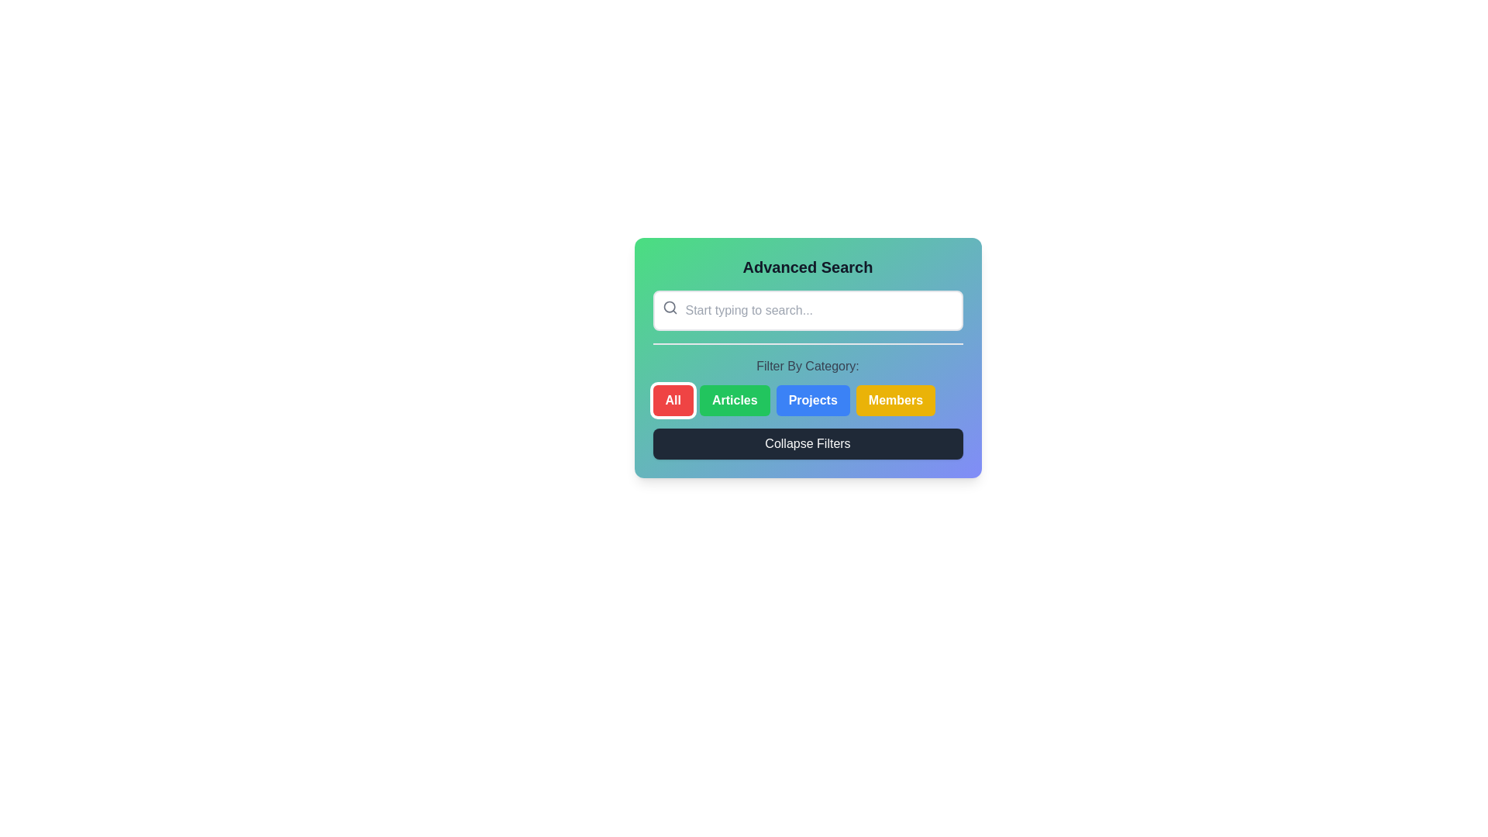 This screenshot has height=837, width=1488. I want to click on the 'Projects' button, which is the third button in a horizontal row of category selection buttons, so click(807, 417).